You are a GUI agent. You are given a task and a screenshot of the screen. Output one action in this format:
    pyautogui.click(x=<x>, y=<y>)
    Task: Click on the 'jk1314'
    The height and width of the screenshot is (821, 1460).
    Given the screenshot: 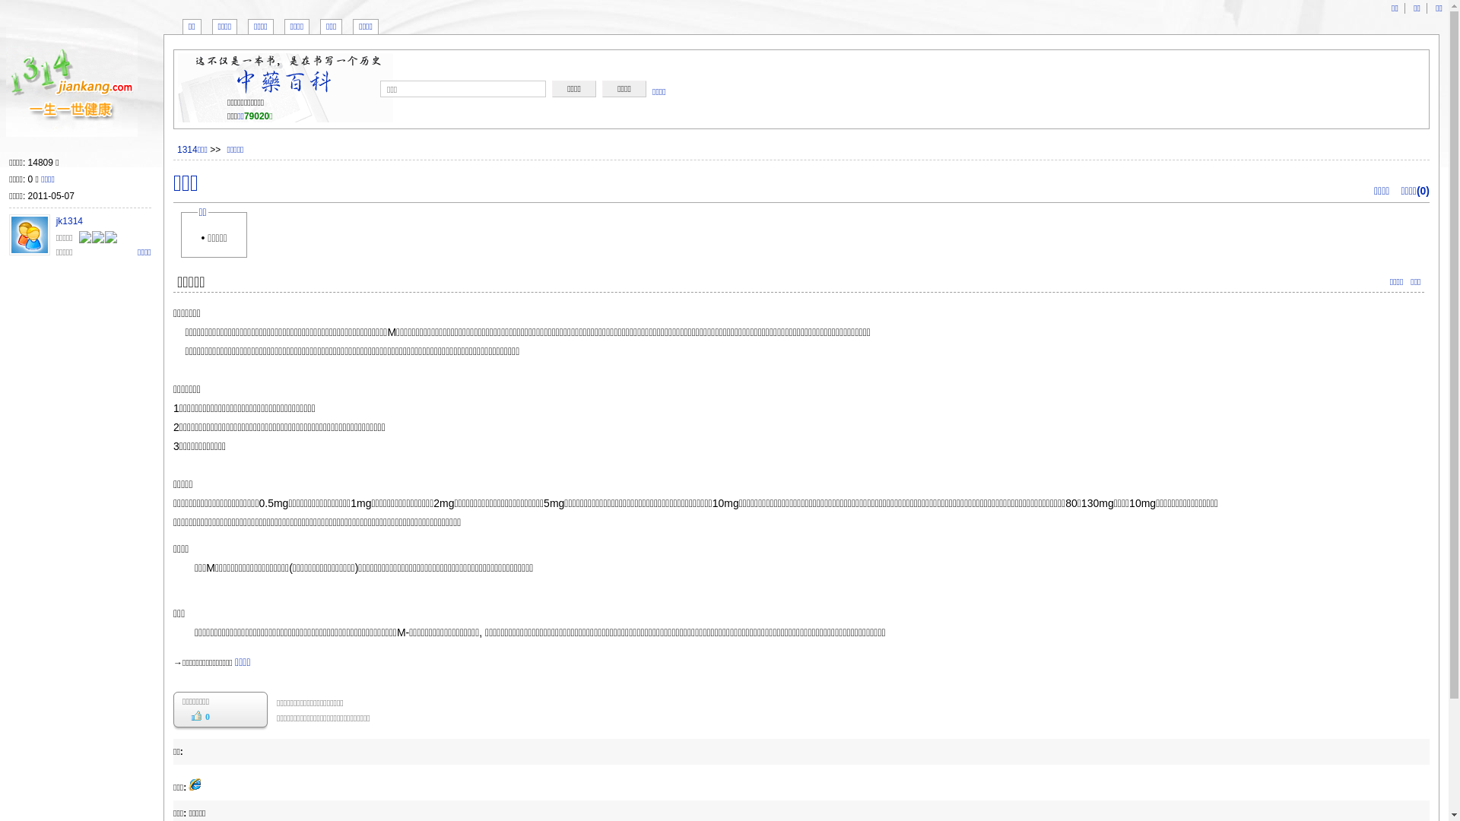 What is the action you would take?
    pyautogui.click(x=29, y=234)
    